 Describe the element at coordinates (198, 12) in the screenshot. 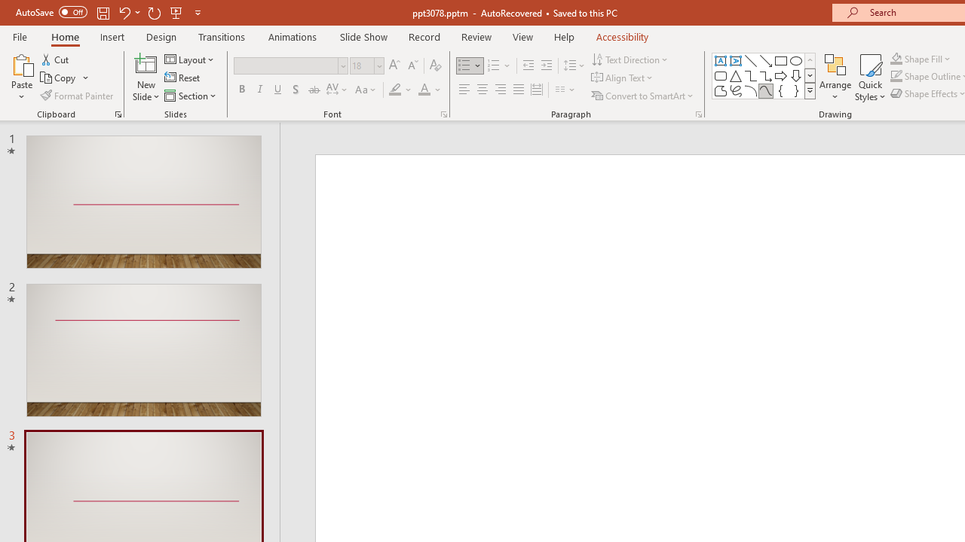

I see `'Customize Quick Access Toolbar'` at that location.